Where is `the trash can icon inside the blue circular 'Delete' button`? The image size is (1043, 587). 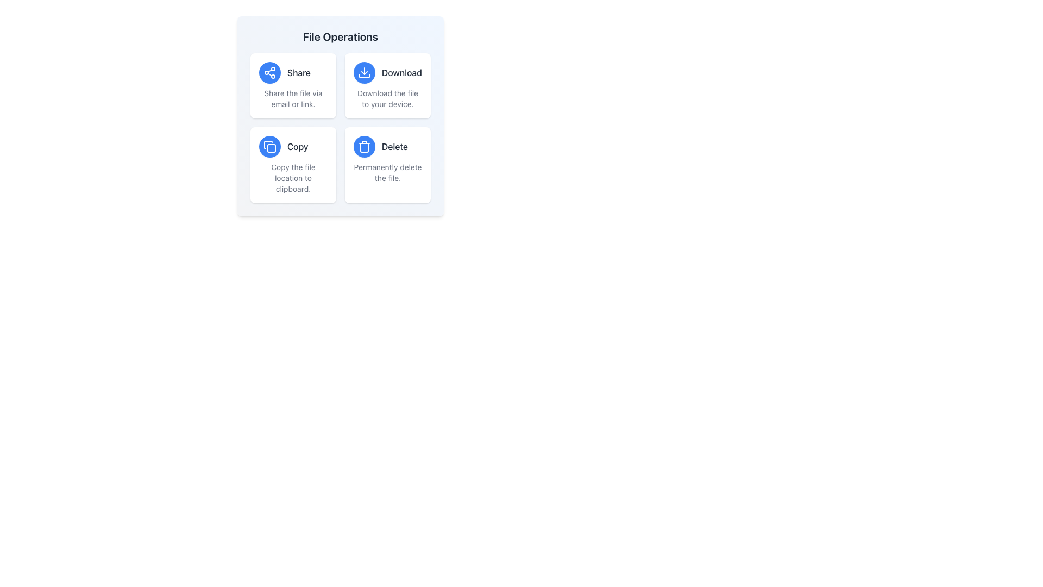
the trash can icon inside the blue circular 'Delete' button is located at coordinates (365, 147).